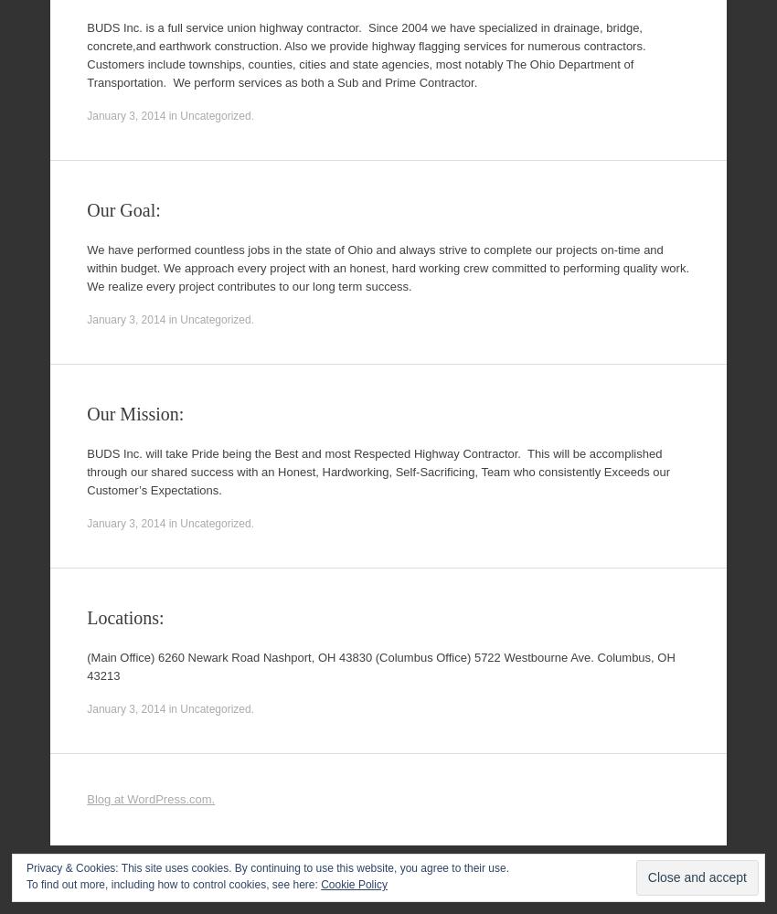 The image size is (777, 914). What do you see at coordinates (172, 884) in the screenshot?
I see `'To find out more, including how to control cookies, see here:'` at bounding box center [172, 884].